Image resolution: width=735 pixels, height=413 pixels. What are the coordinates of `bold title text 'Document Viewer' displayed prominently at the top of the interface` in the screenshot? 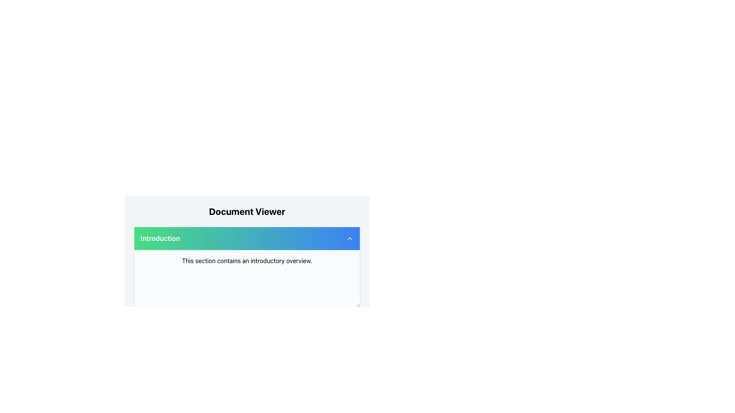 It's located at (247, 211).